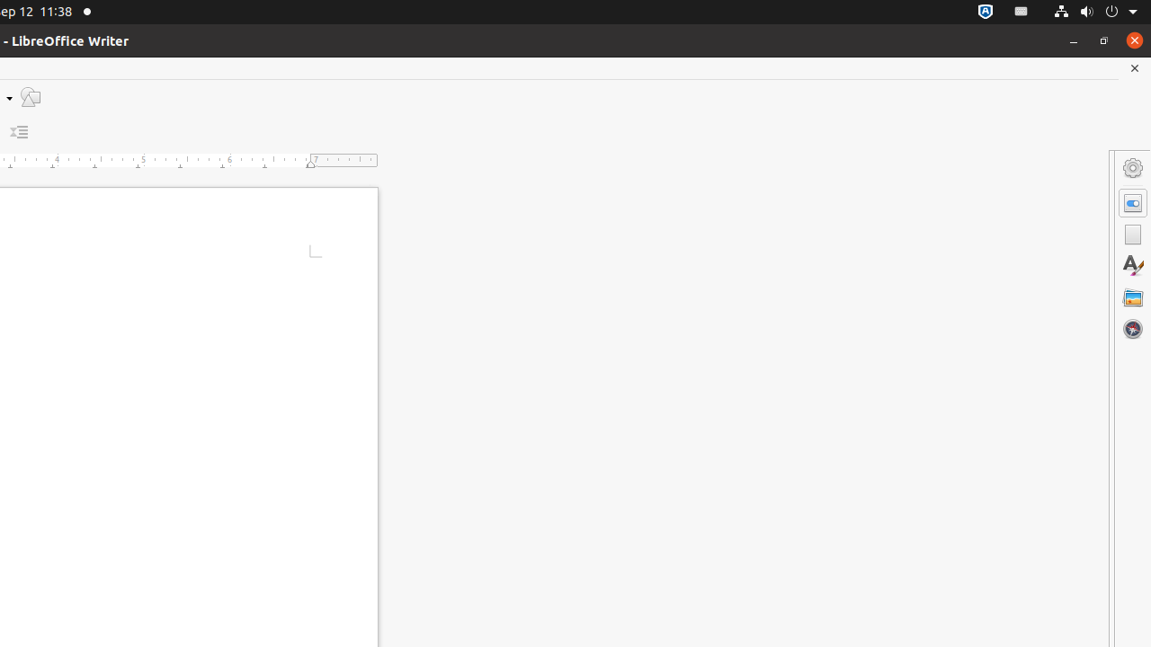 The height and width of the screenshot is (647, 1151). What do you see at coordinates (1132, 328) in the screenshot?
I see `'Navigator'` at bounding box center [1132, 328].